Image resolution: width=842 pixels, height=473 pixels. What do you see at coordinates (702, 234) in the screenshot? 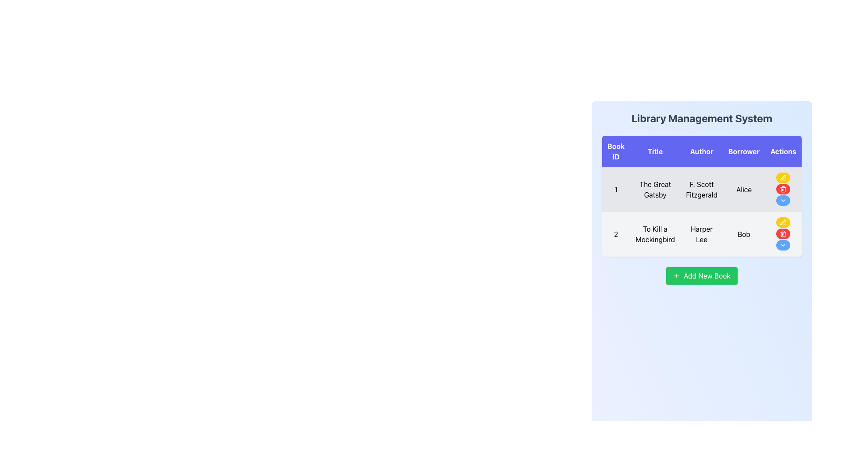
I see `the second row of the table containing 'To Kill a Mockingbird' to sort or interact with its columns` at bounding box center [702, 234].